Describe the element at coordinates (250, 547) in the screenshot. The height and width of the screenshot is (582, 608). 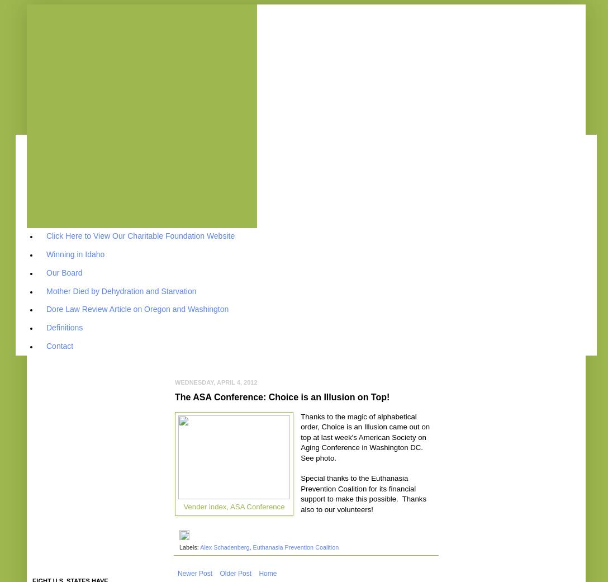
I see `','` at that location.